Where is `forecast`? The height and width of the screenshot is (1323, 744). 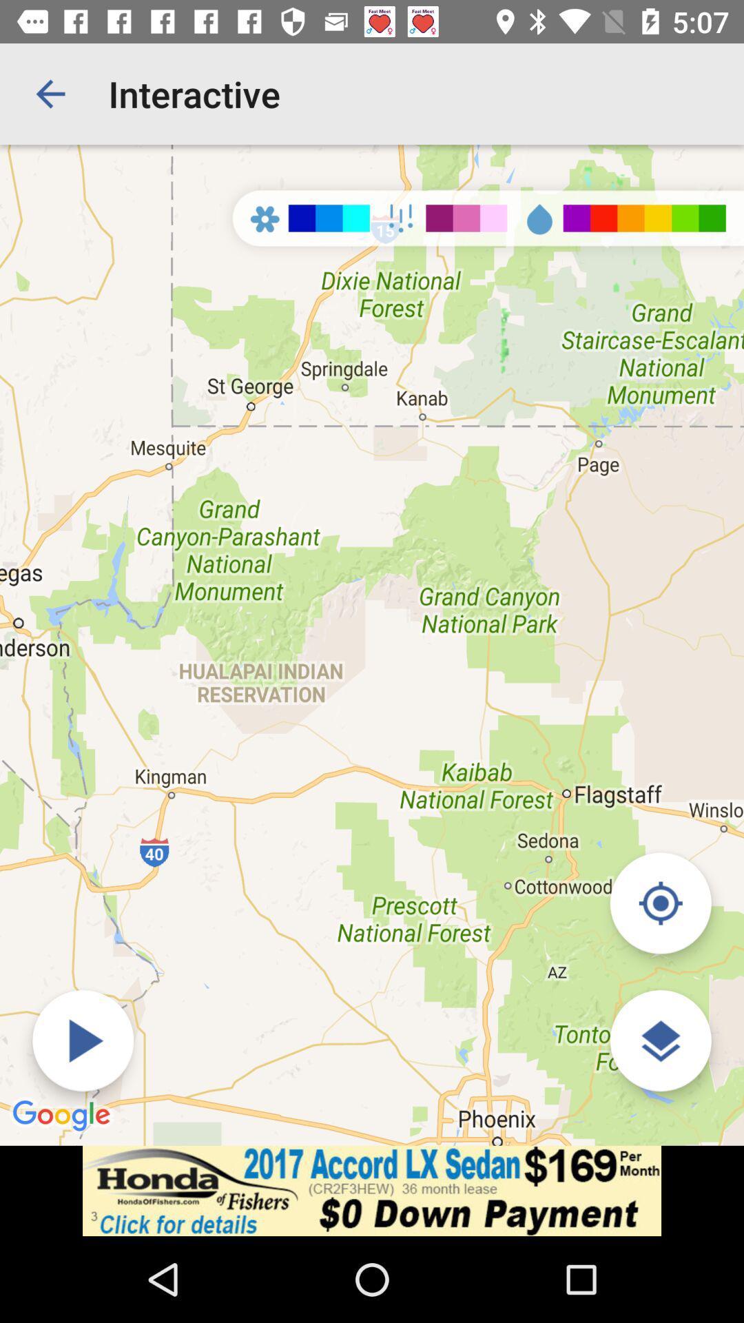 forecast is located at coordinates (83, 1040).